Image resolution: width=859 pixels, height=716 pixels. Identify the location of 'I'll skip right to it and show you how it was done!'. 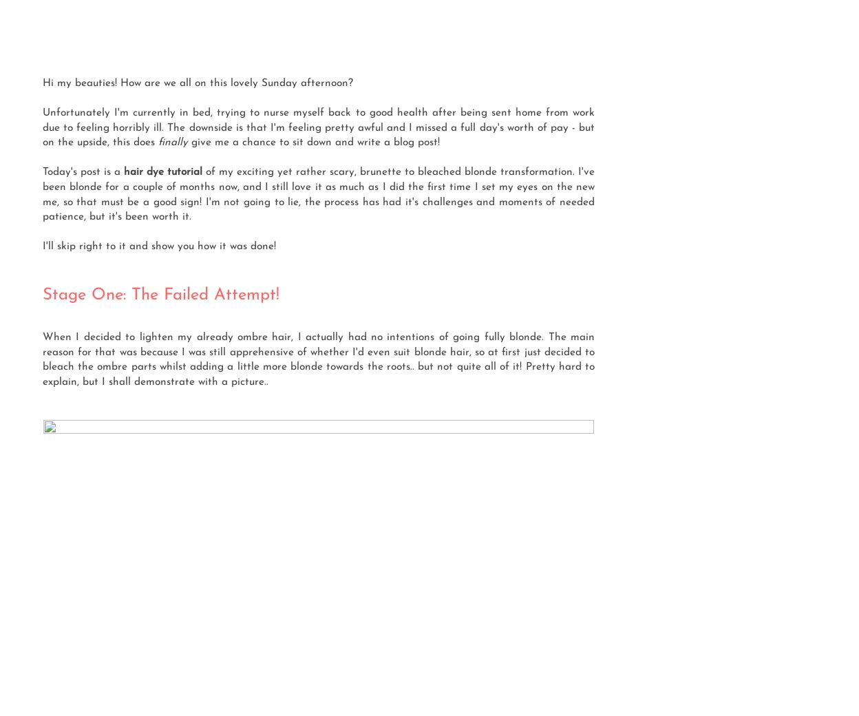
(42, 245).